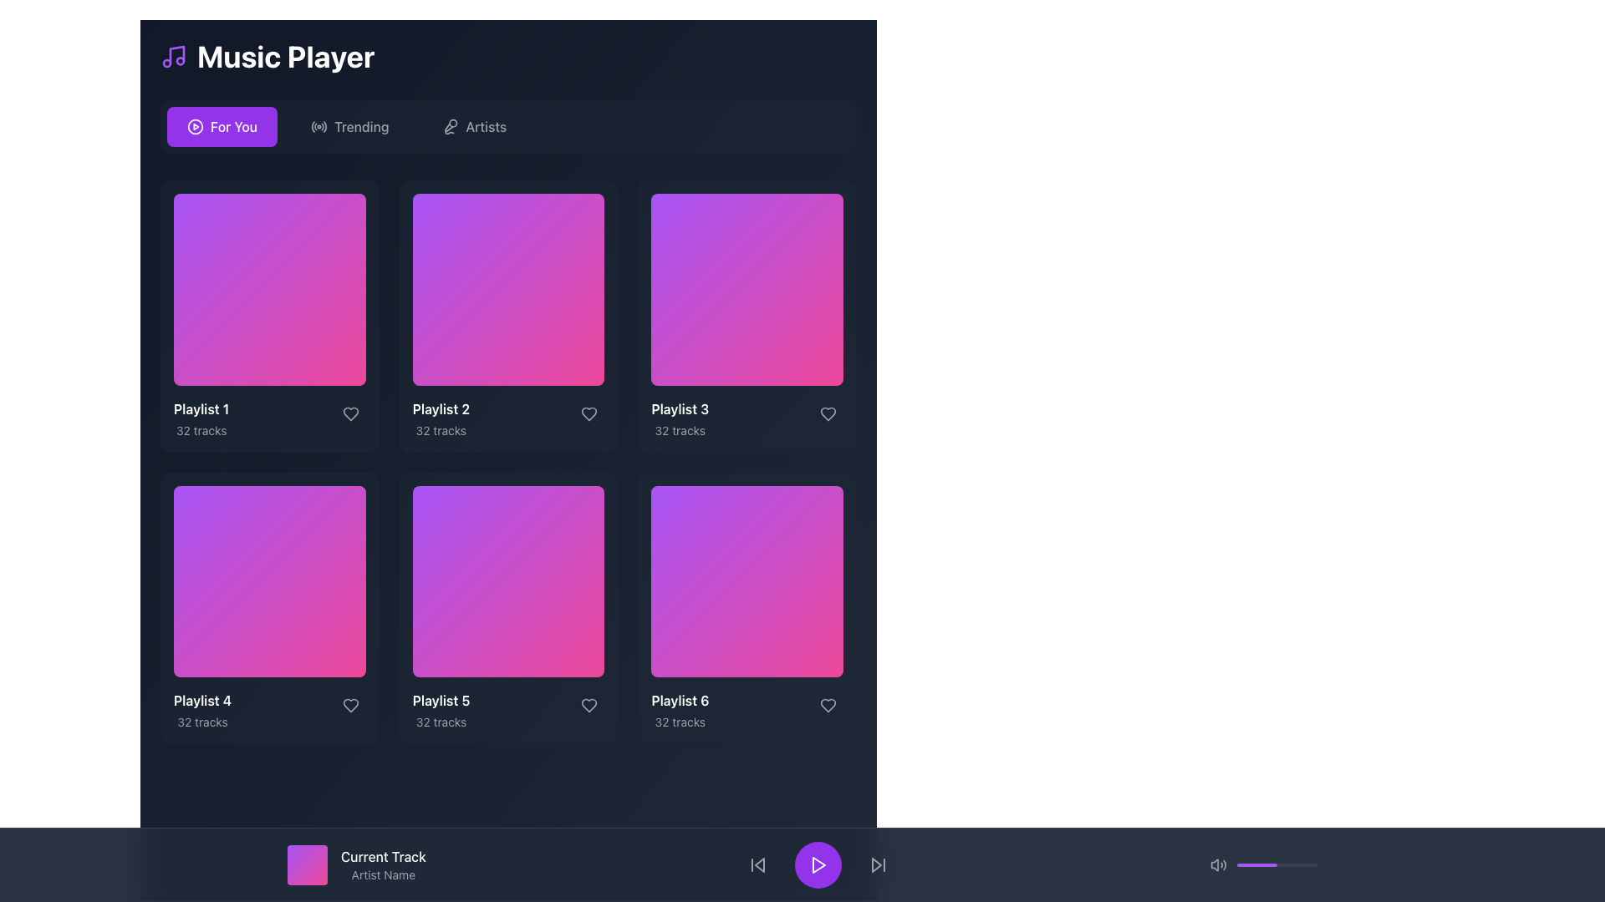 The height and width of the screenshot is (902, 1605). I want to click on text of the TextLabel that serves as the title for the first playlist in the grid, located in the top-left quadrant beneath the playlist thumbnail and above the '32 tracks' text, so click(201, 408).